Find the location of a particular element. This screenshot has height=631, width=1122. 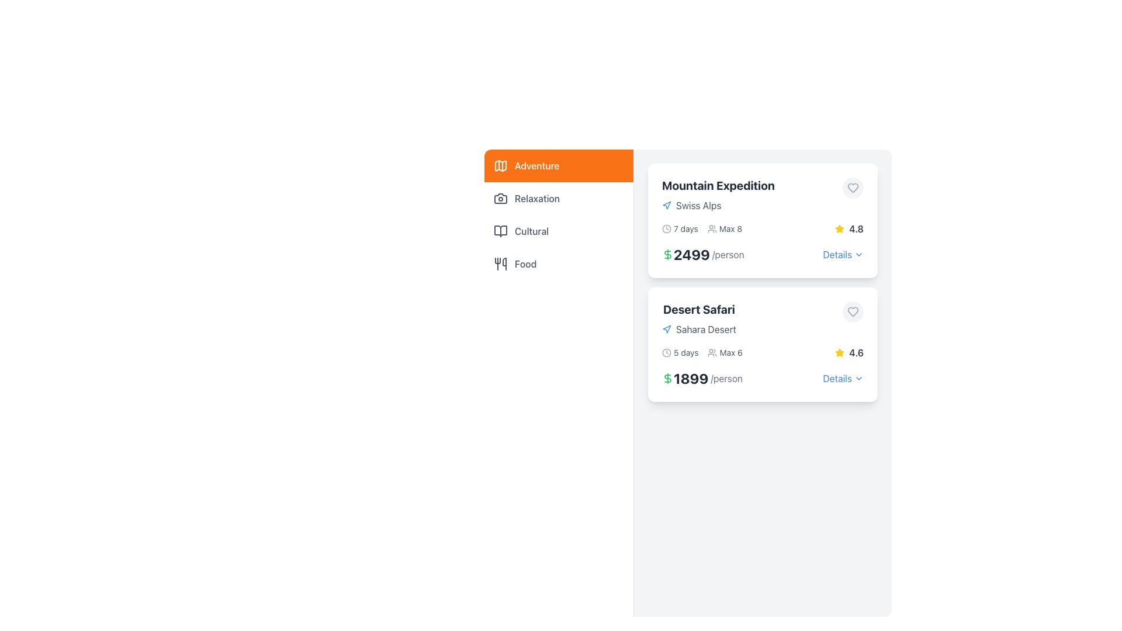

the yellow star rating icon located at the top right corner of the 'Mountain Expedition' card to interact with the rating system is located at coordinates (839, 229).